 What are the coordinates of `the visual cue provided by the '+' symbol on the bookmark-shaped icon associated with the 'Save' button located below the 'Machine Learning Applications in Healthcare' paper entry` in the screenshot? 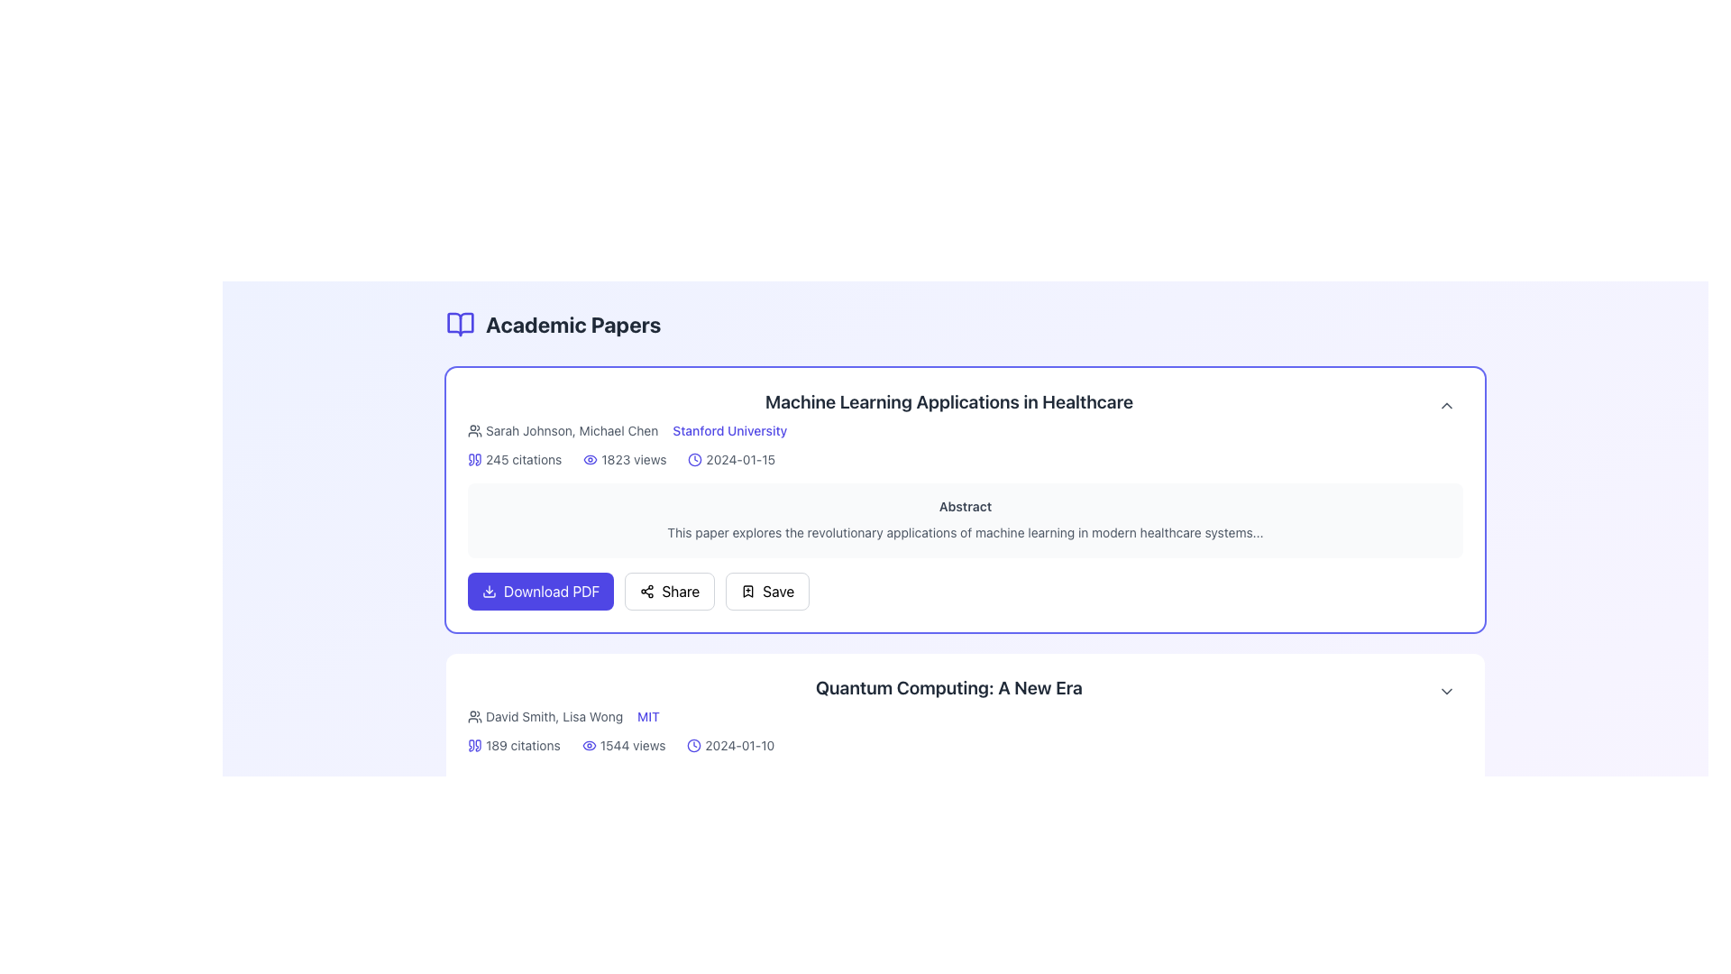 It's located at (748, 591).